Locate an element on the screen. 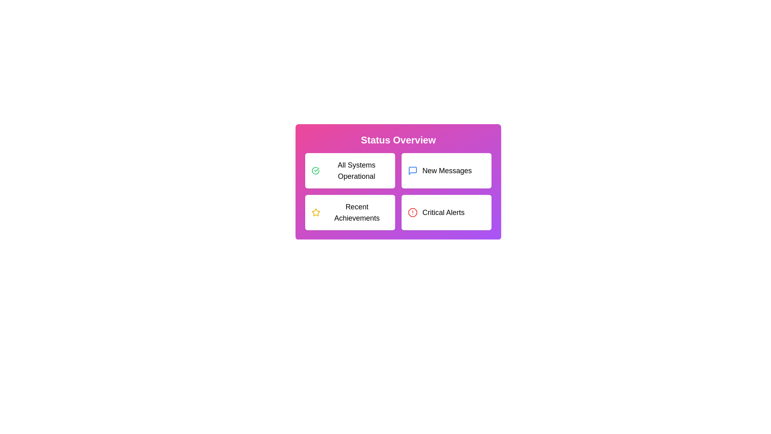 The image size is (771, 434). the green circular icon with a checkmark symbol located in the top left of the 'Status Overview' section, representing 'All Systems Operational.' is located at coordinates (315, 170).